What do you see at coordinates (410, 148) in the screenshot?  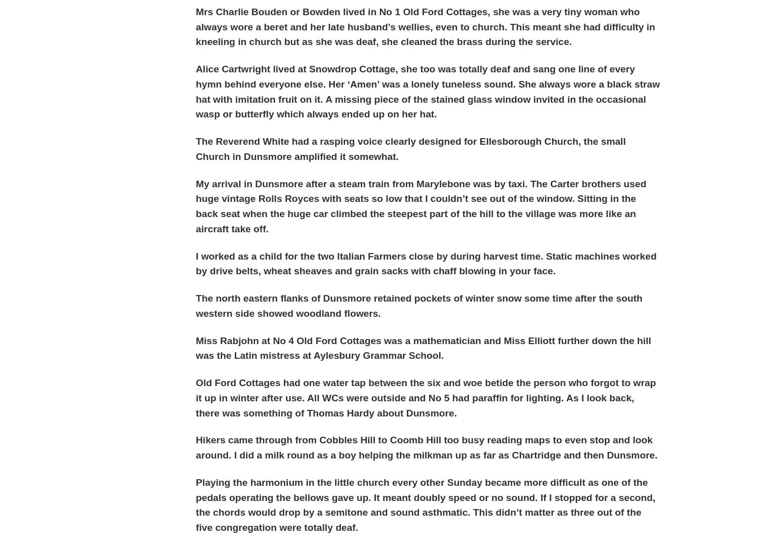 I see `'The Reverend White had a rasping voice clearly designed for Ellesborough Church, the small Church in Dunsmore amplified it somewhat.'` at bounding box center [410, 148].